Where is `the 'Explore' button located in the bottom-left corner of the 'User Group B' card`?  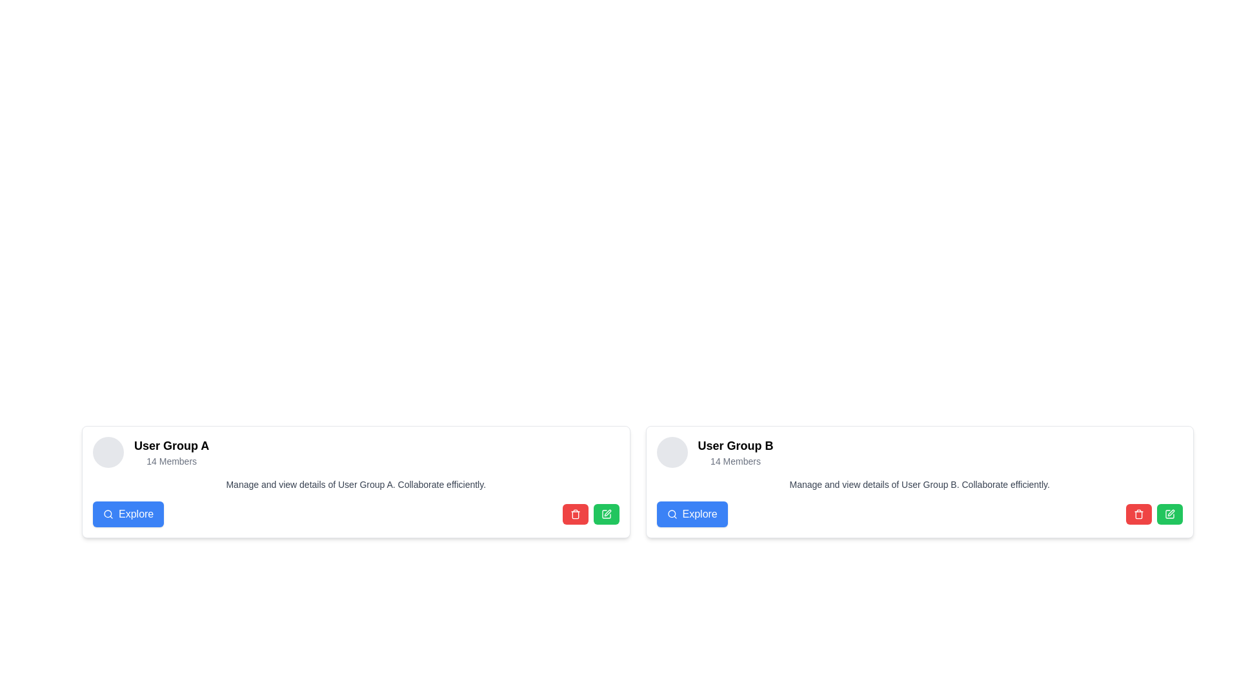
the 'Explore' button located in the bottom-left corner of the 'User Group B' card is located at coordinates (691, 514).